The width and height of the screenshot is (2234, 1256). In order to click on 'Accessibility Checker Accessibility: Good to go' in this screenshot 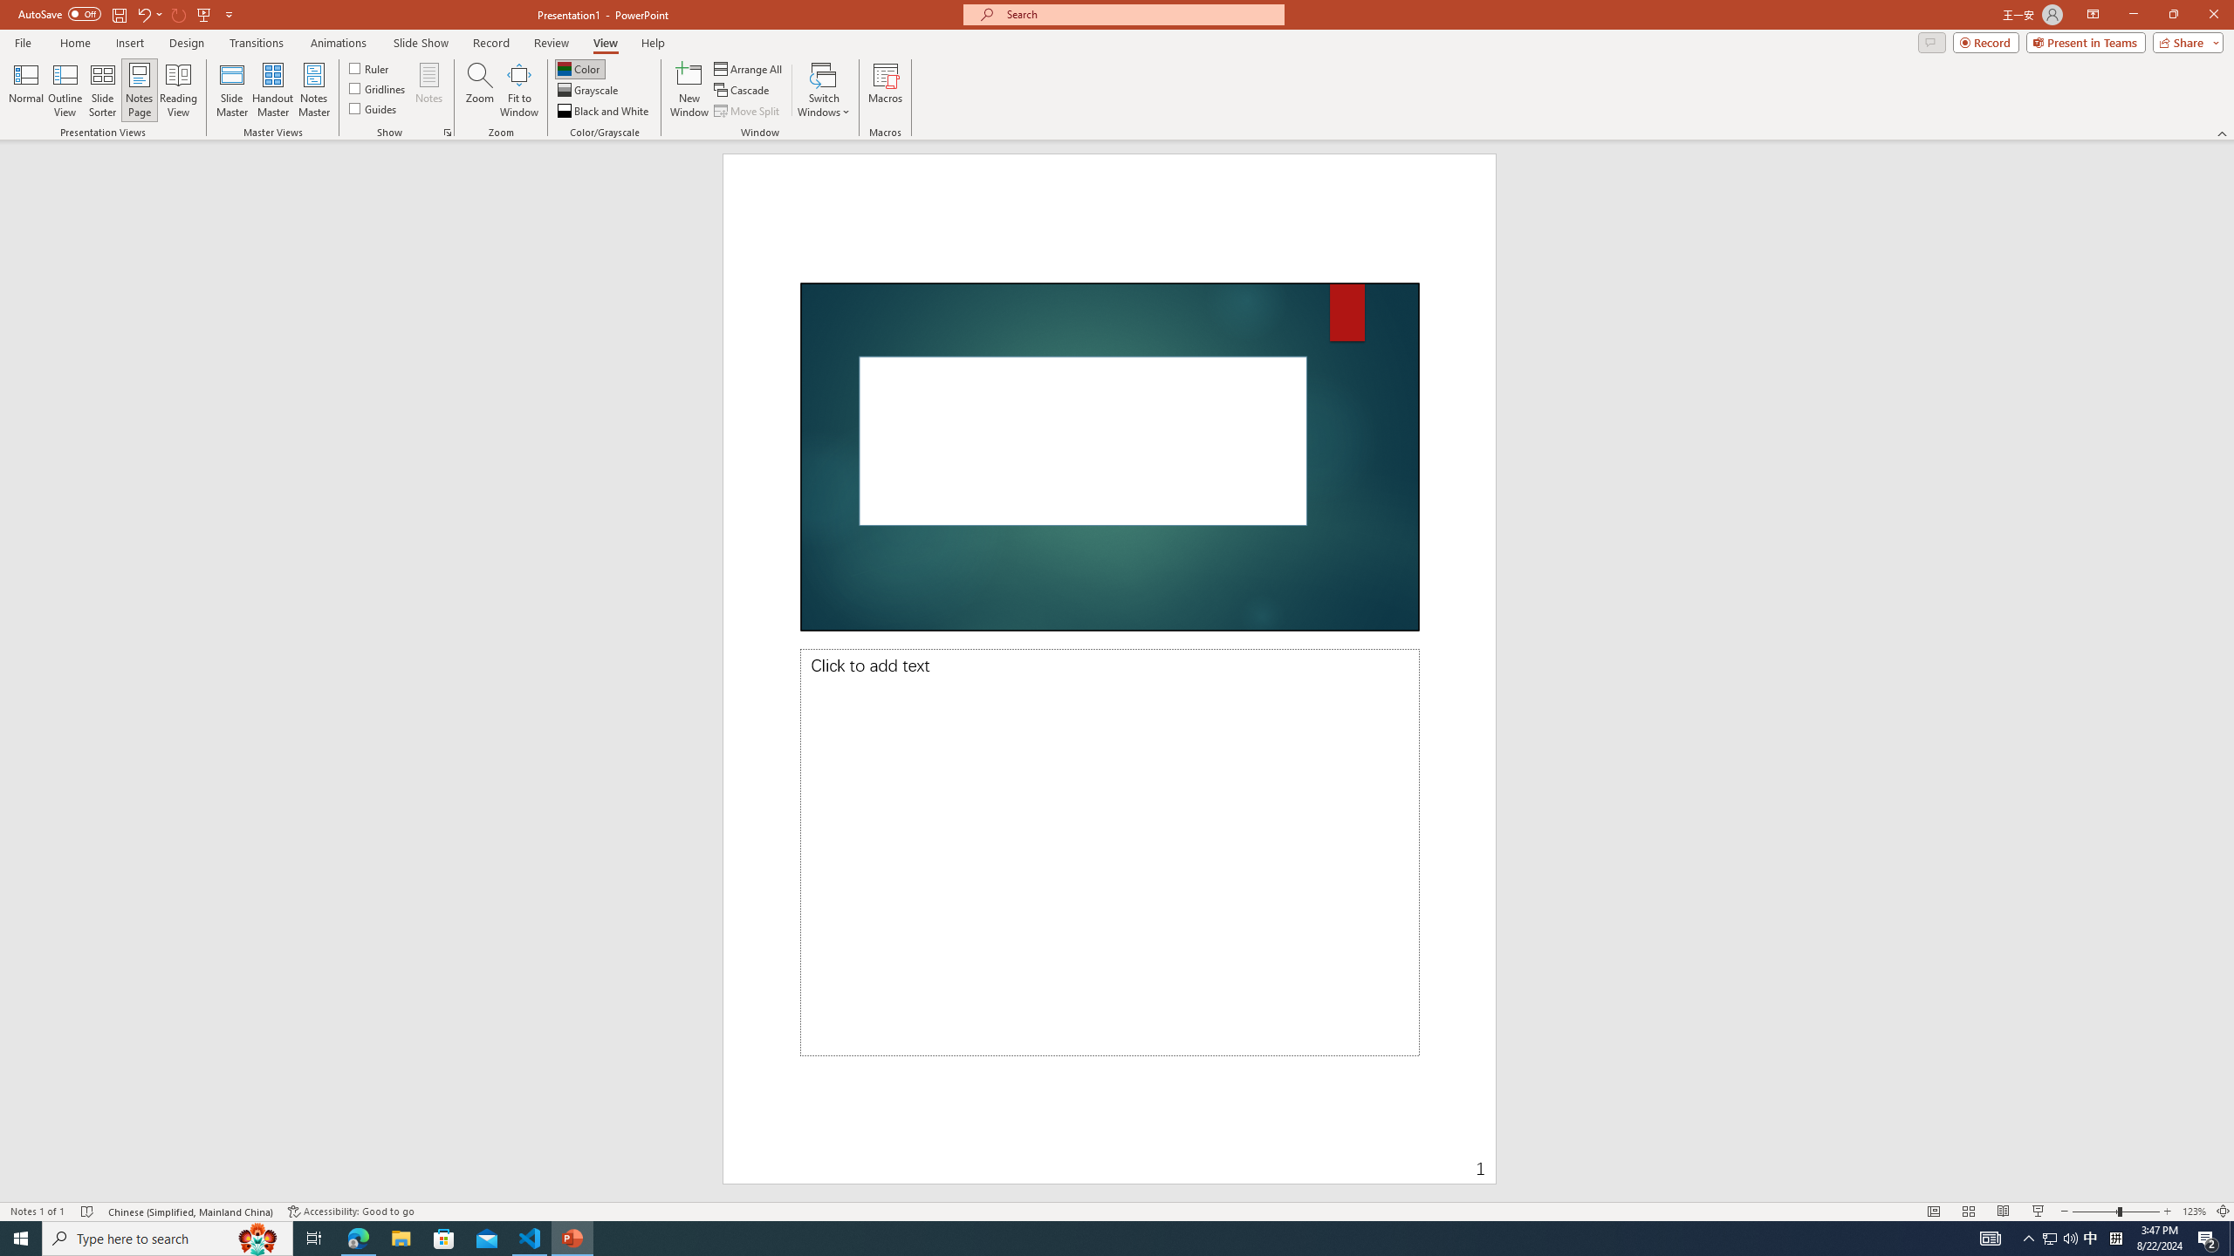, I will do `click(352, 1212)`.